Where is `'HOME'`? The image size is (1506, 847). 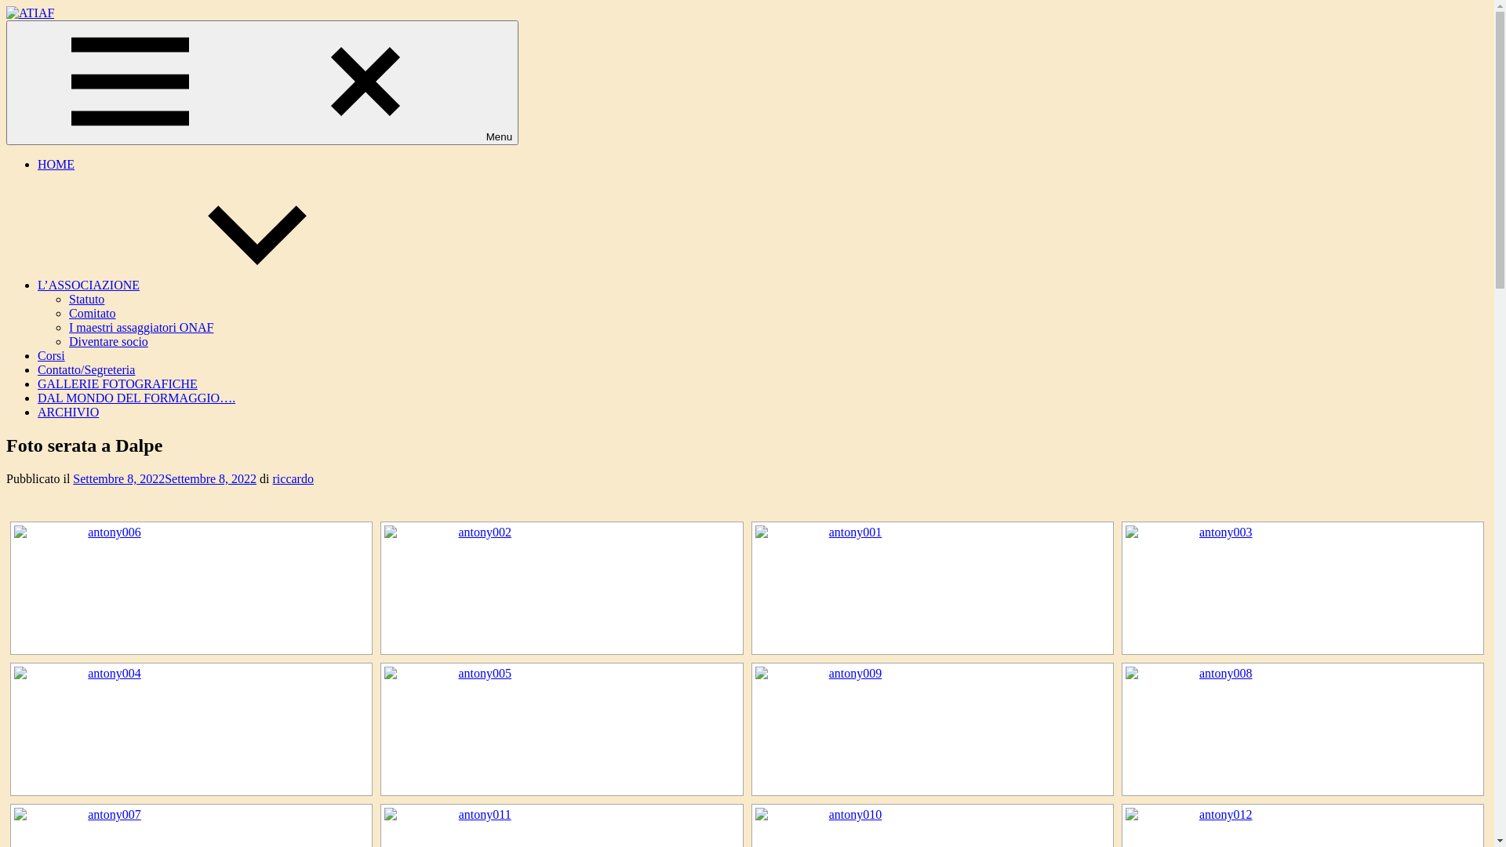
'HOME' is located at coordinates (56, 164).